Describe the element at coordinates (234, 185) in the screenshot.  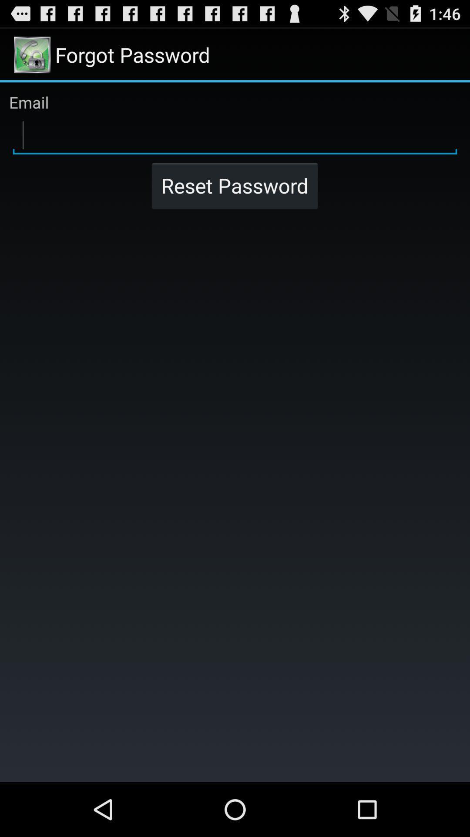
I see `the reset password` at that location.